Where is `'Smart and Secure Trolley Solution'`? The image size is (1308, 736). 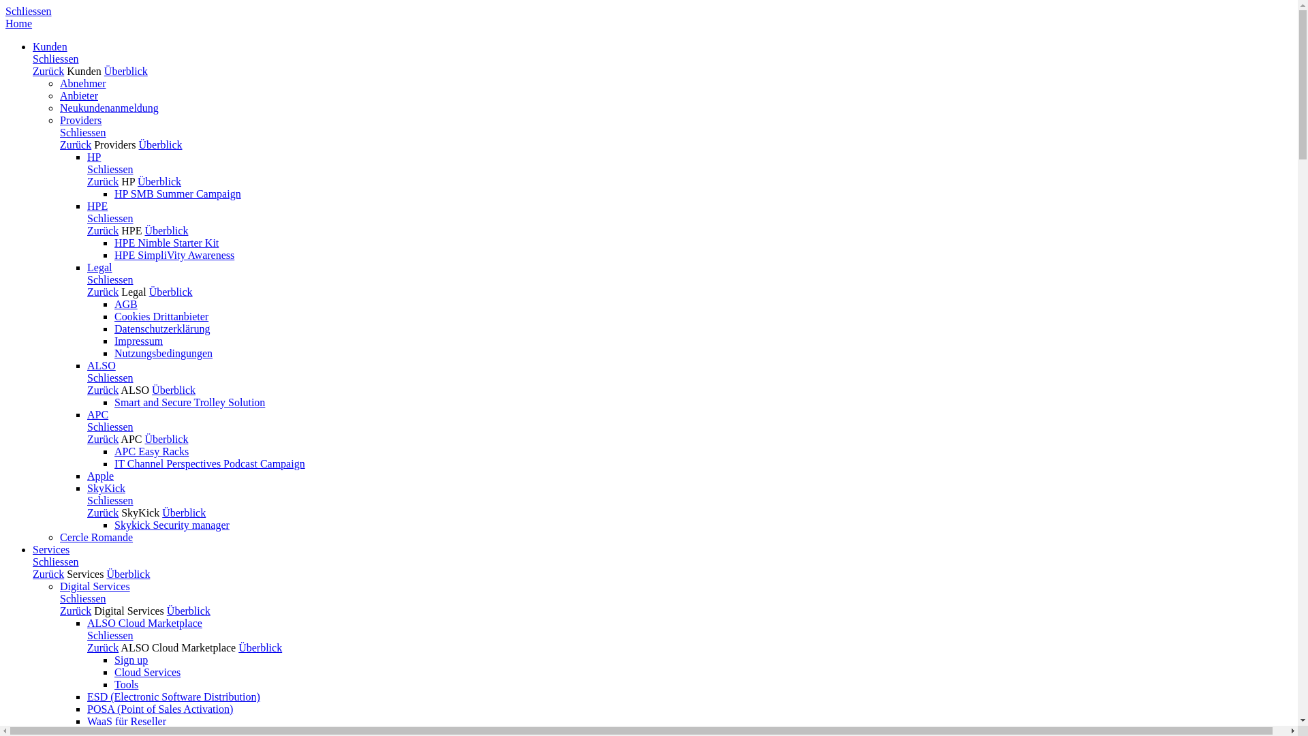
'Smart and Secure Trolley Solution' is located at coordinates (114, 401).